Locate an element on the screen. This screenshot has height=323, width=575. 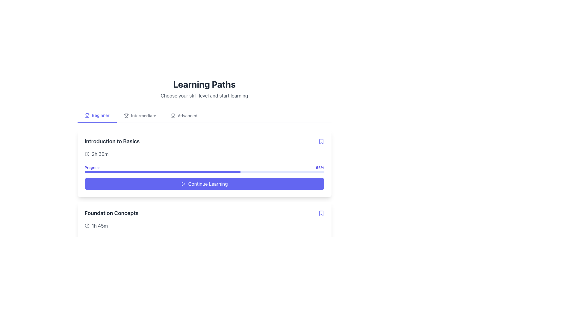
the small trophy icon located in the 'Beginner' tab, which is styled with a thin, outlined design and positioned to the left of the 'Beginner' label is located at coordinates (87, 115).